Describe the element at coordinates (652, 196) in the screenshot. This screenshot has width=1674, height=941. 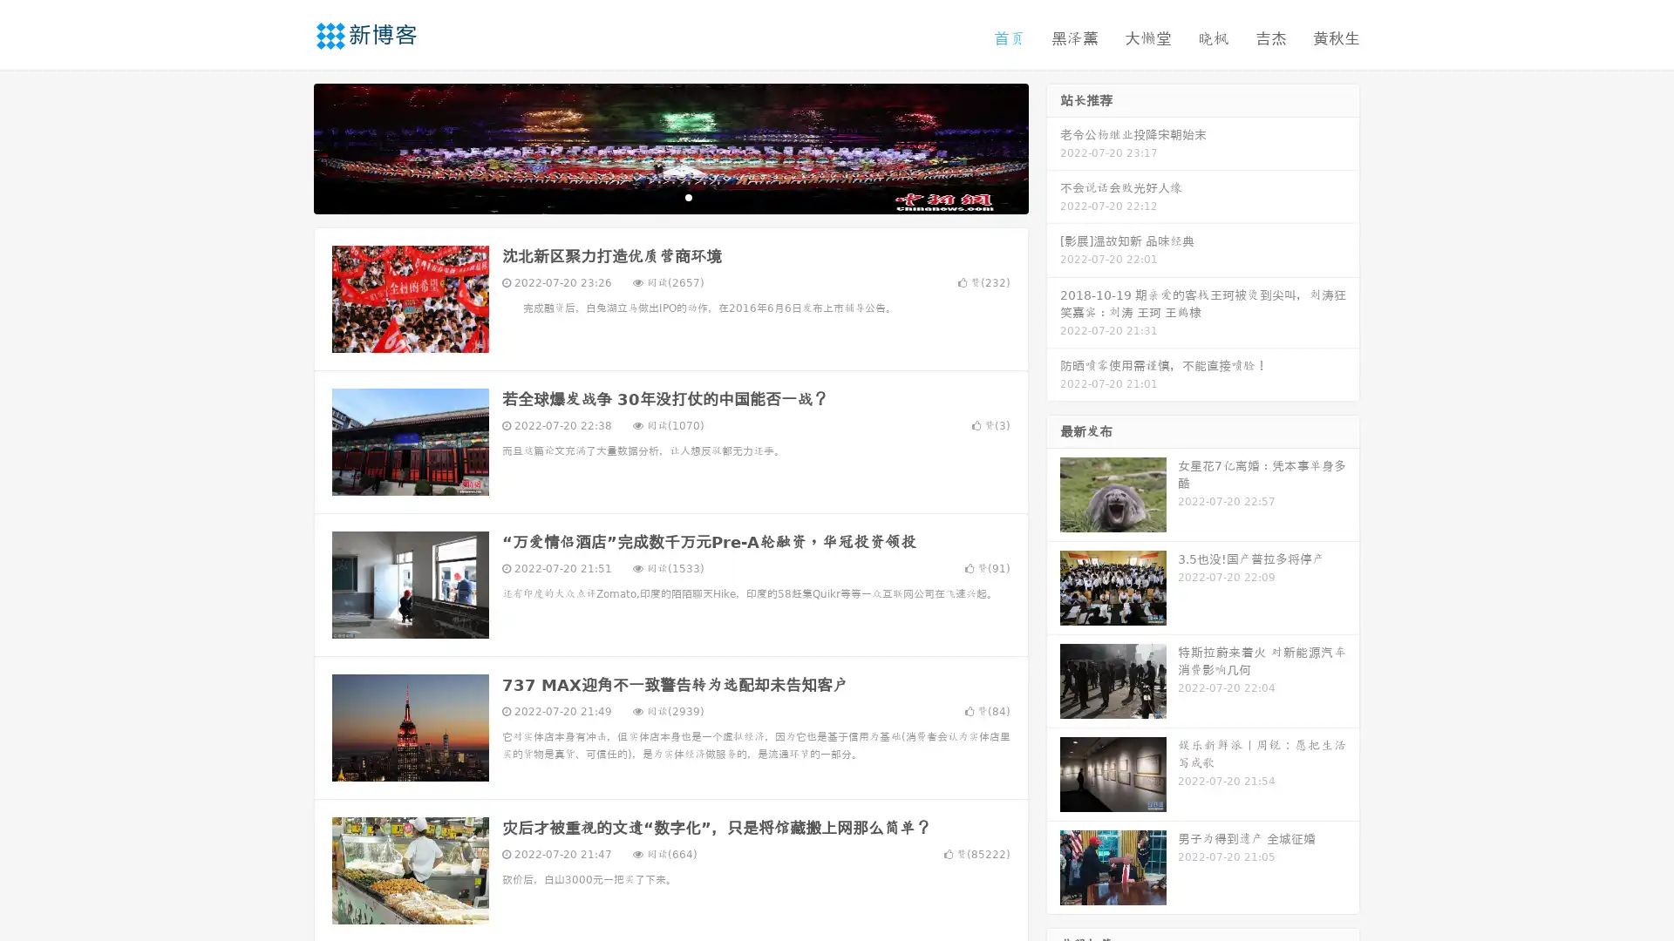
I see `Go to slide 1` at that location.